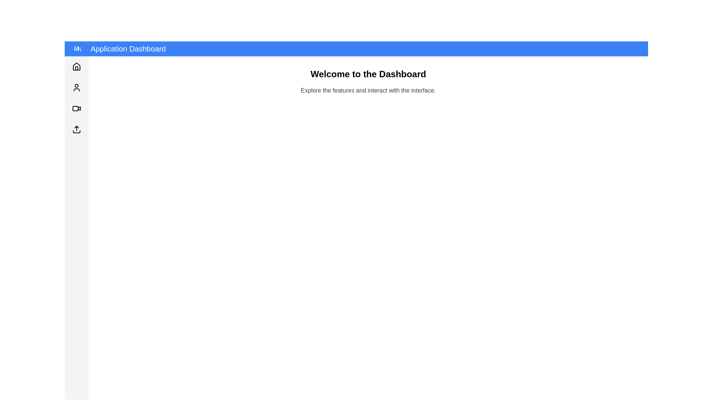 Image resolution: width=718 pixels, height=403 pixels. What do you see at coordinates (77, 108) in the screenshot?
I see `the third icon in the vertical stack of icons on the left side of the interface` at bounding box center [77, 108].